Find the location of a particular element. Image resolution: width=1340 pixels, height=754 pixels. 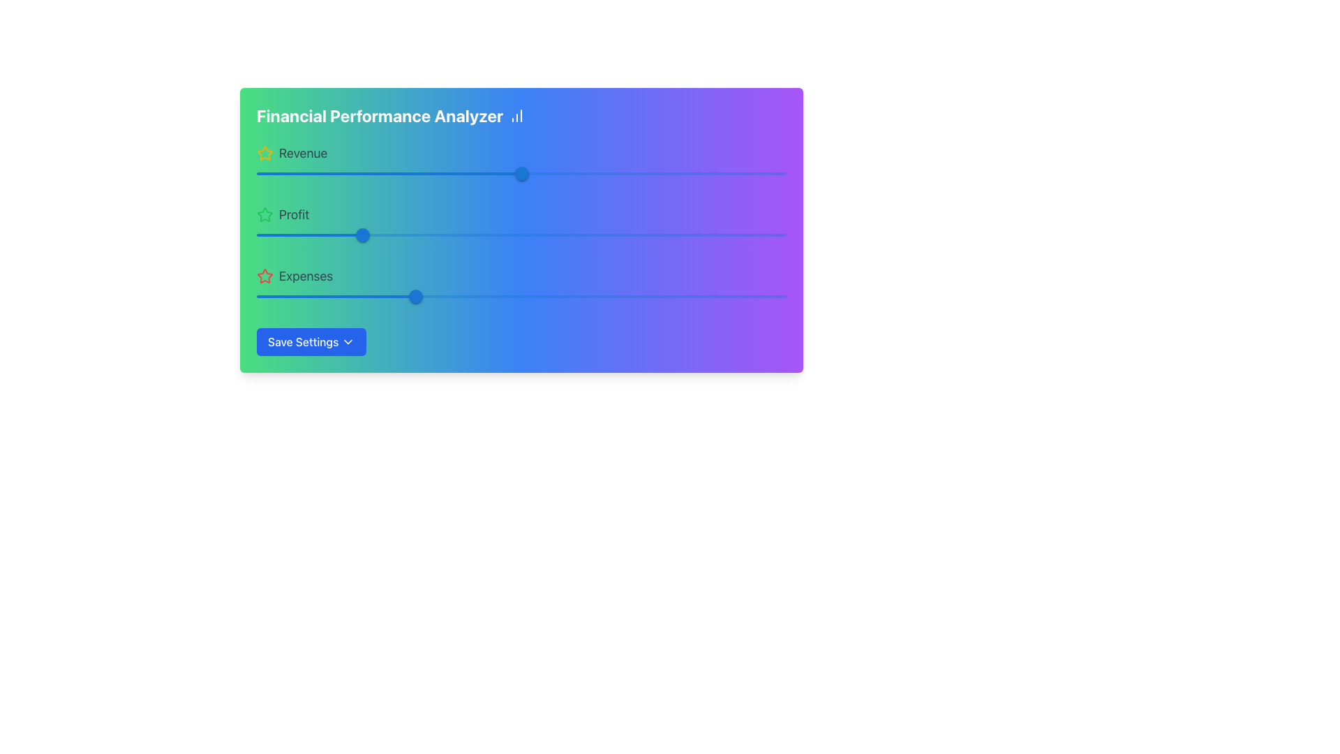

the Revenue slider is located at coordinates (697, 173).